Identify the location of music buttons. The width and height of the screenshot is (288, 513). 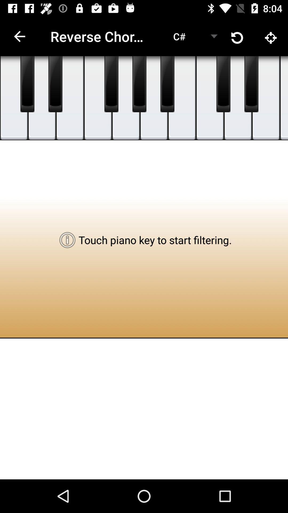
(111, 84).